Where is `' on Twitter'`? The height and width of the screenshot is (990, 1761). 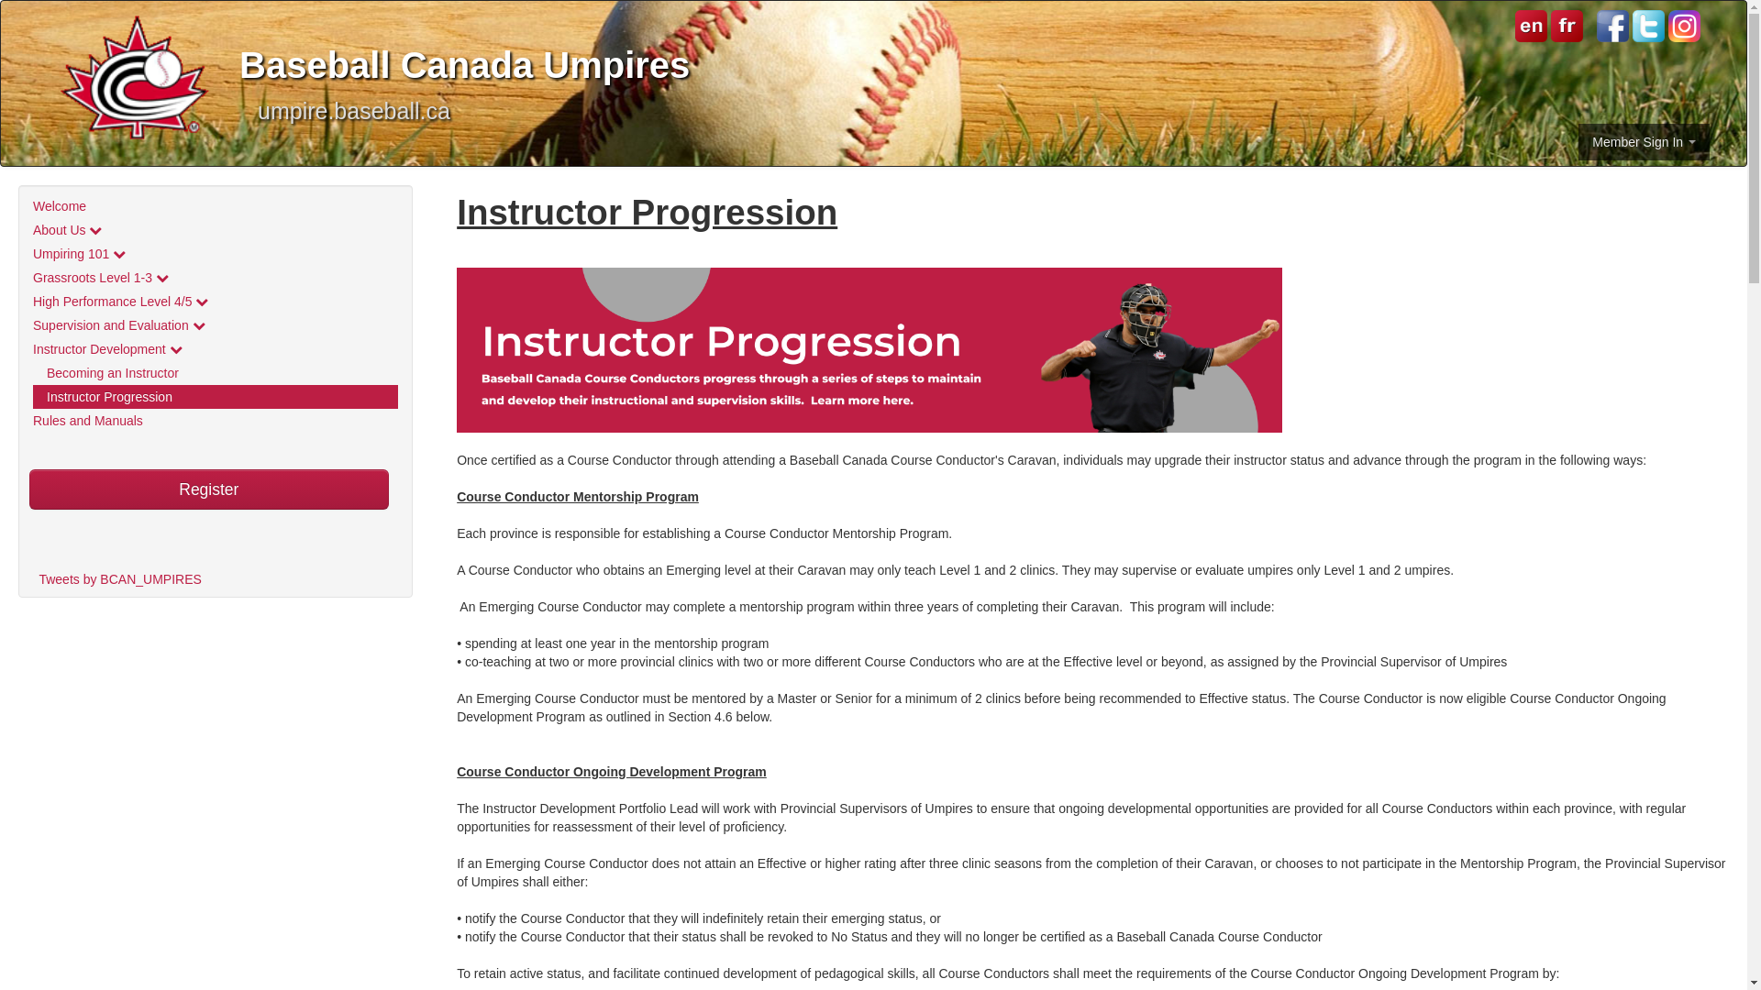
' on Twitter' is located at coordinates (1648, 26).